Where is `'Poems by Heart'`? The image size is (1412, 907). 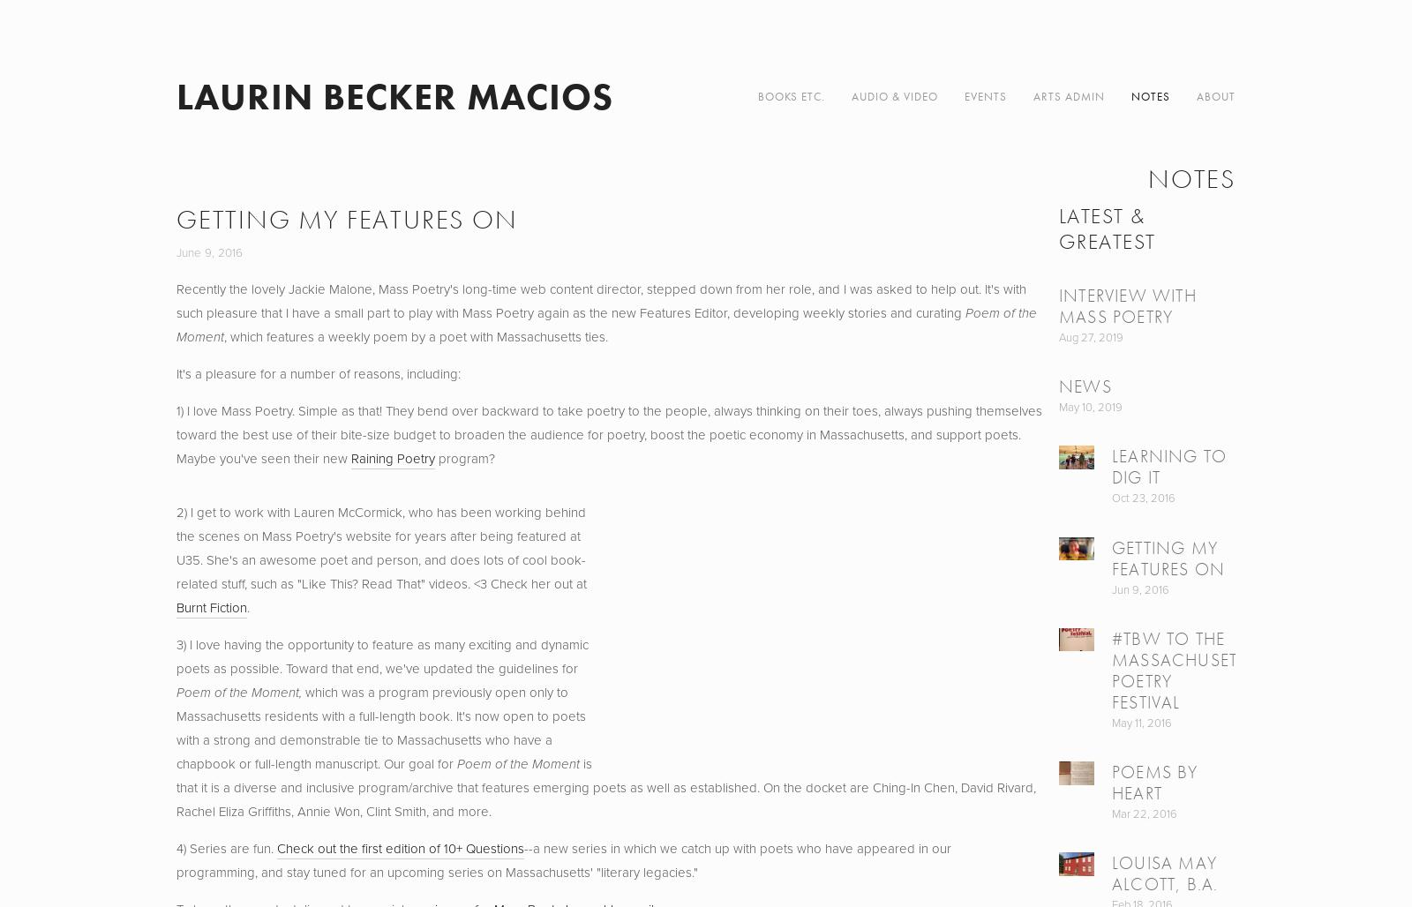 'Poems by Heart' is located at coordinates (1153, 781).